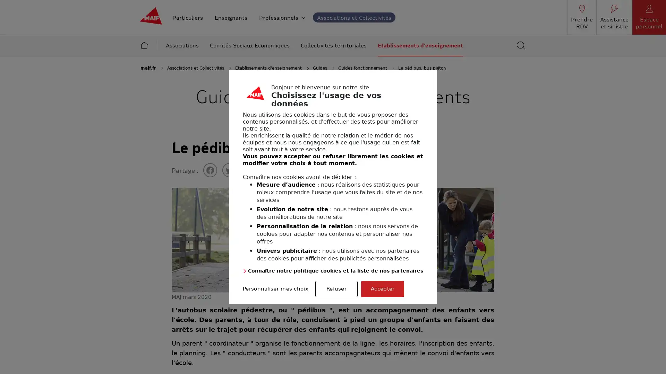 The width and height of the screenshot is (666, 374). Describe the element at coordinates (275, 288) in the screenshot. I see `Personnaliser mes choix` at that location.